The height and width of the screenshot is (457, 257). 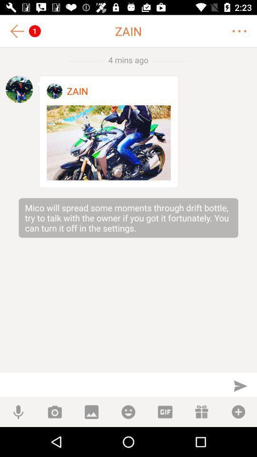 I want to click on display profile image, so click(x=19, y=89).